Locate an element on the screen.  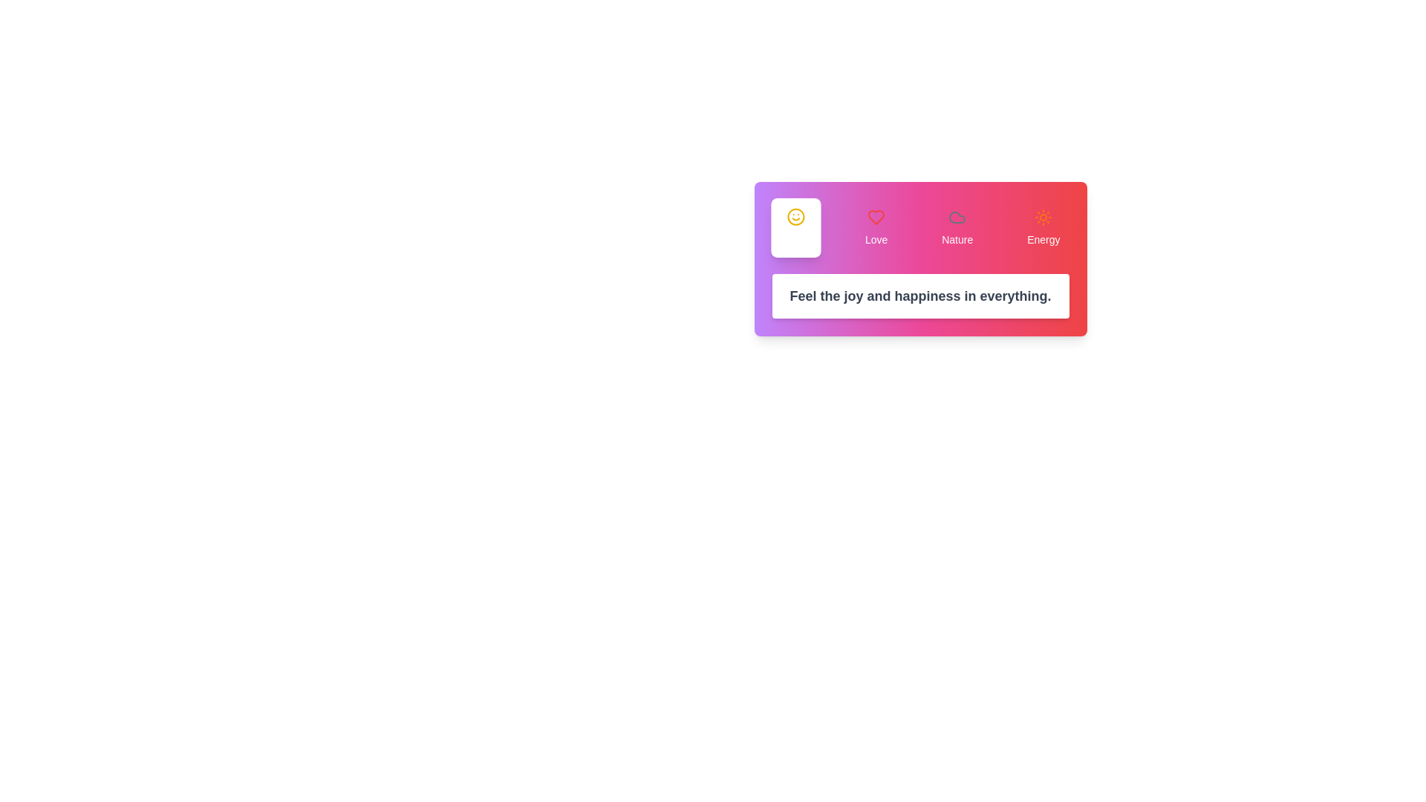
the Energy tab by clicking on it is located at coordinates (1043, 228).